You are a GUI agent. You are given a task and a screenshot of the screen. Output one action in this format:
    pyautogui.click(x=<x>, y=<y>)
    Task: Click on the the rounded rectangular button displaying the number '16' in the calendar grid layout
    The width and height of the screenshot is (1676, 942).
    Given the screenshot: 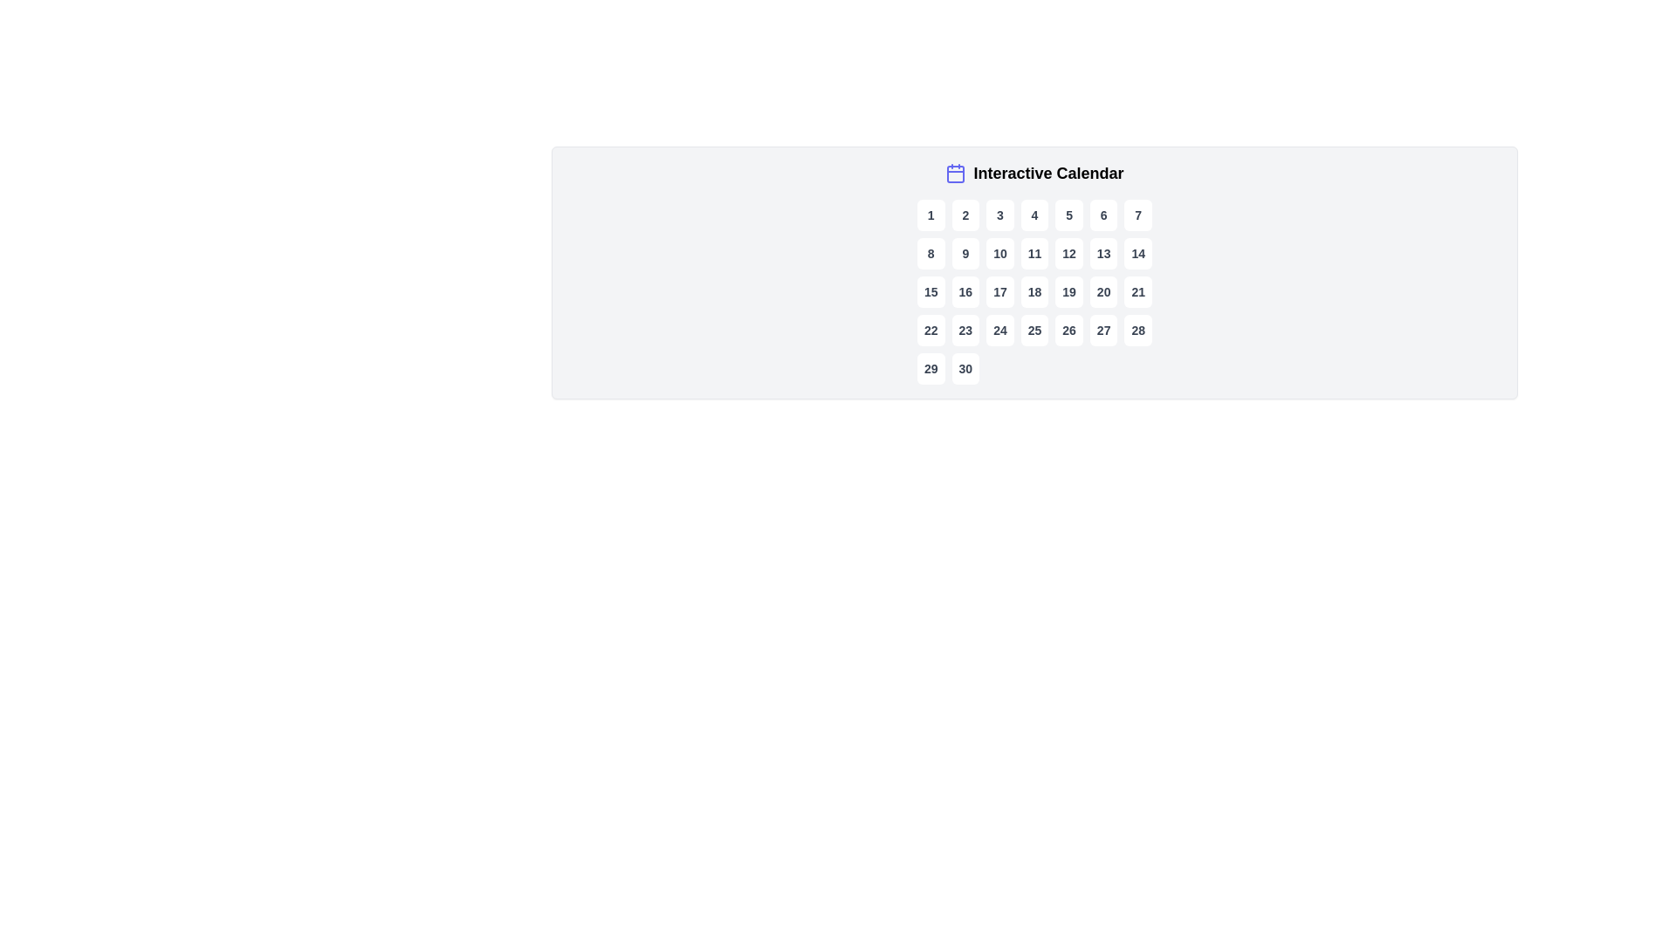 What is the action you would take?
    pyautogui.click(x=965, y=291)
    